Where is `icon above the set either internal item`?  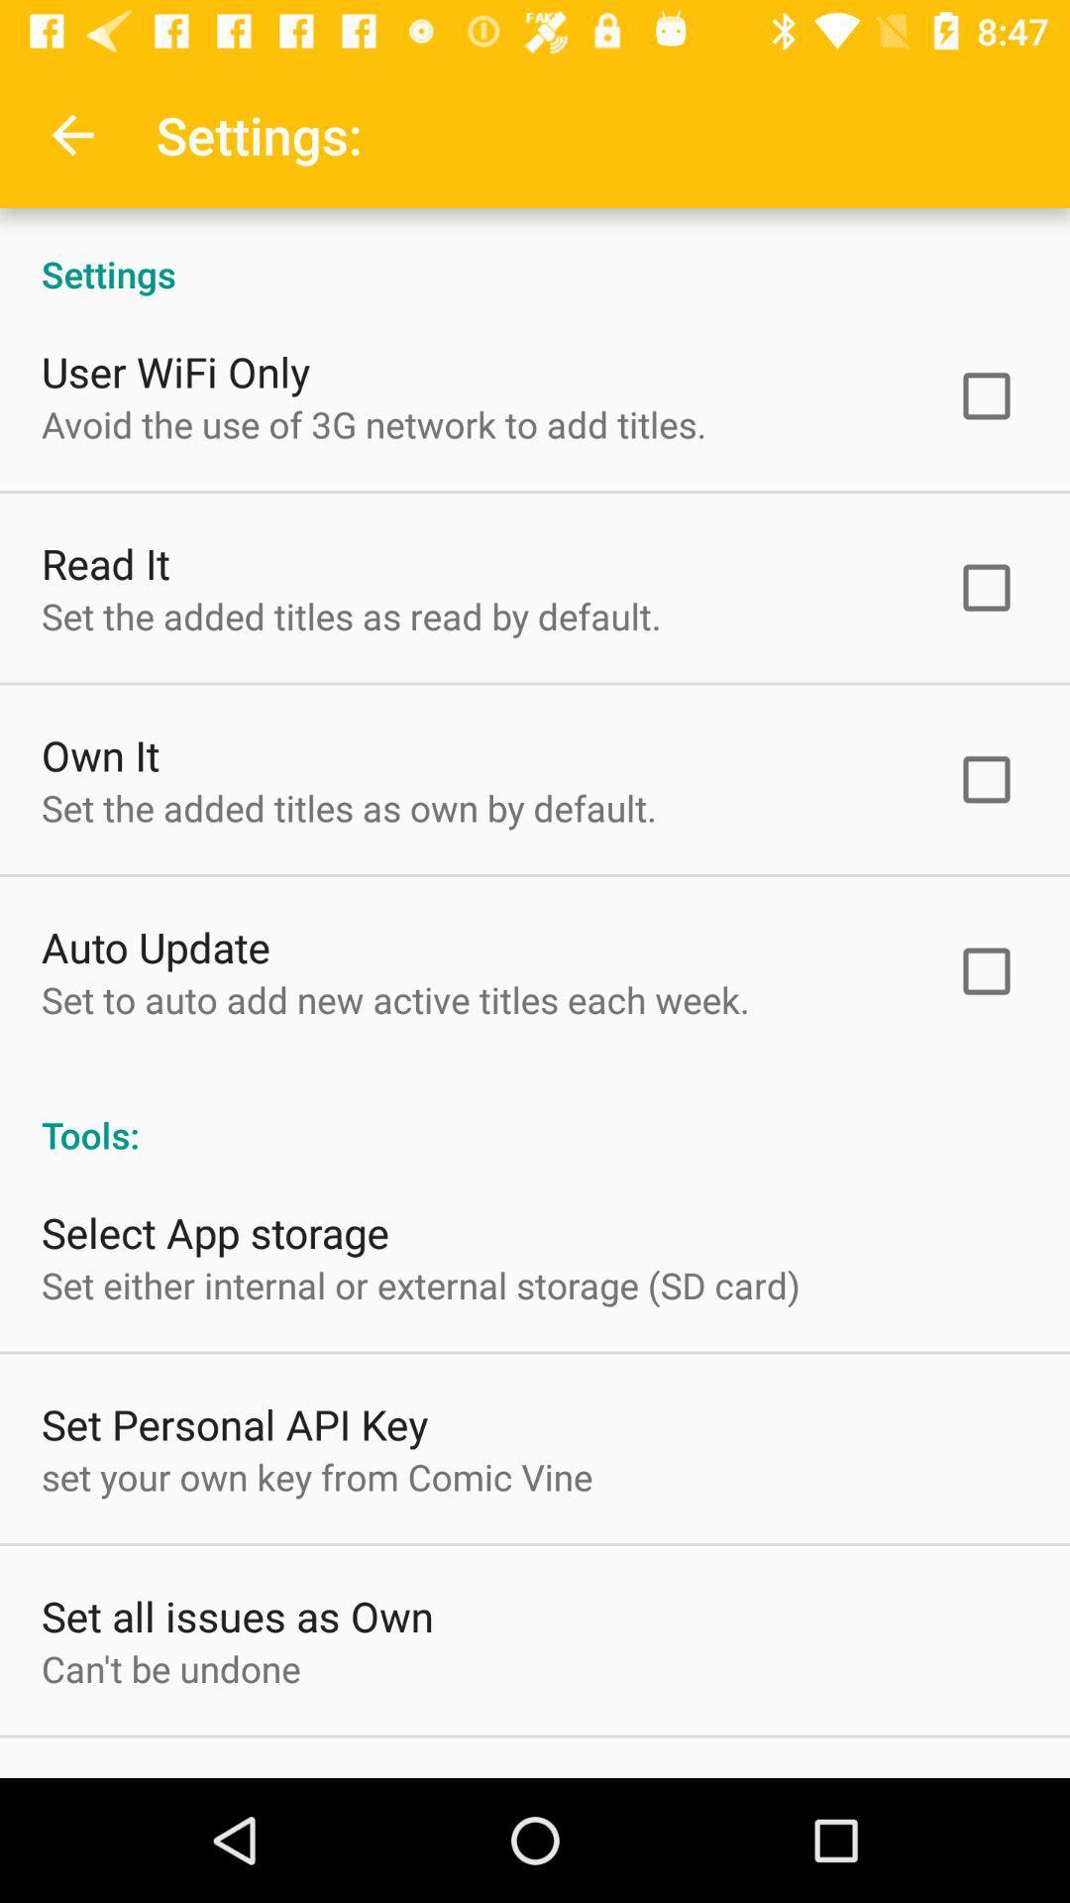
icon above the set either internal item is located at coordinates (215, 1231).